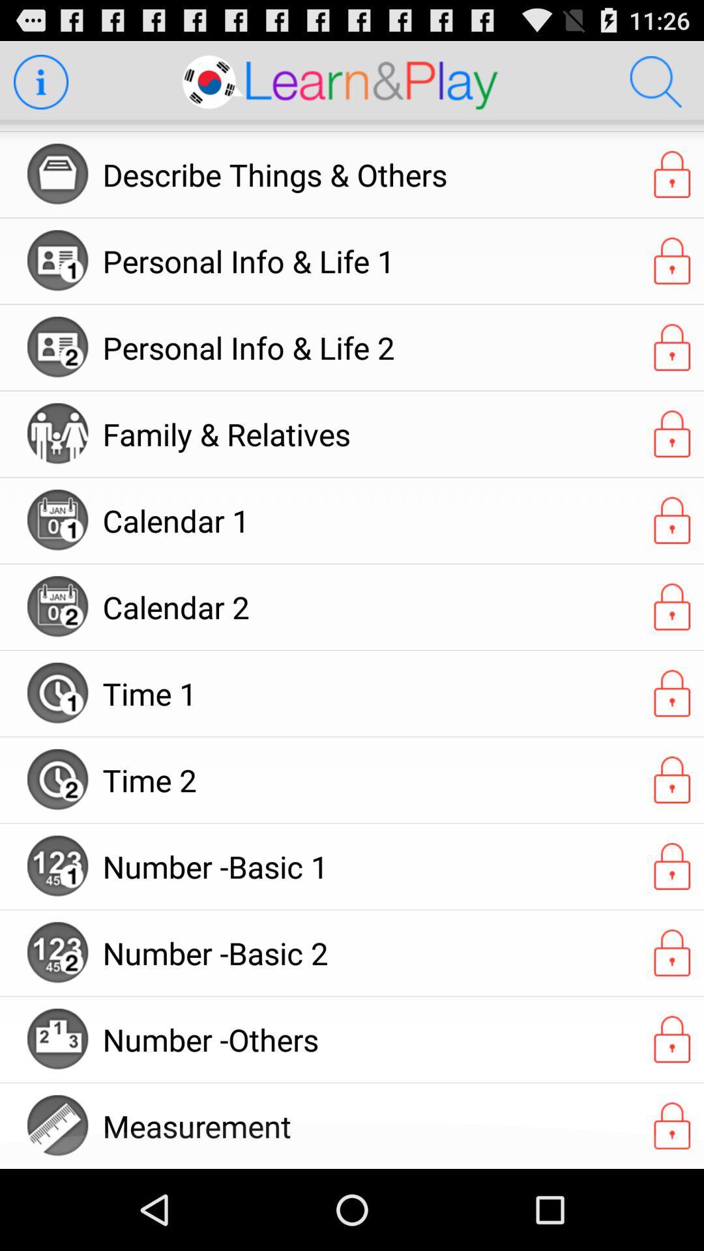 Image resolution: width=704 pixels, height=1251 pixels. I want to click on more information, so click(40, 81).